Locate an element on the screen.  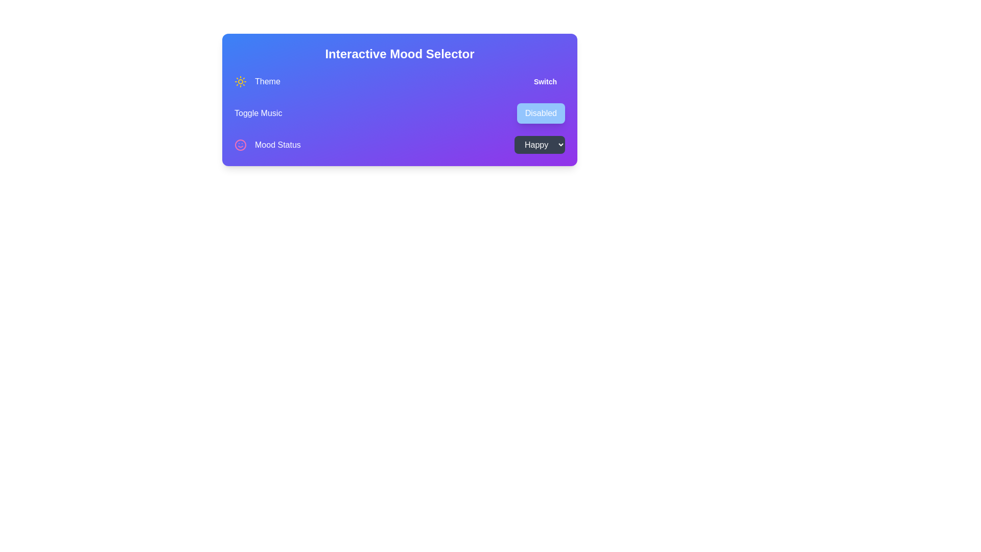
the rectangular button with a light blue background labeled 'Disabled', located to the right of 'Toggle Music' below 'Interactive Mood Selector' is located at coordinates (540, 113).